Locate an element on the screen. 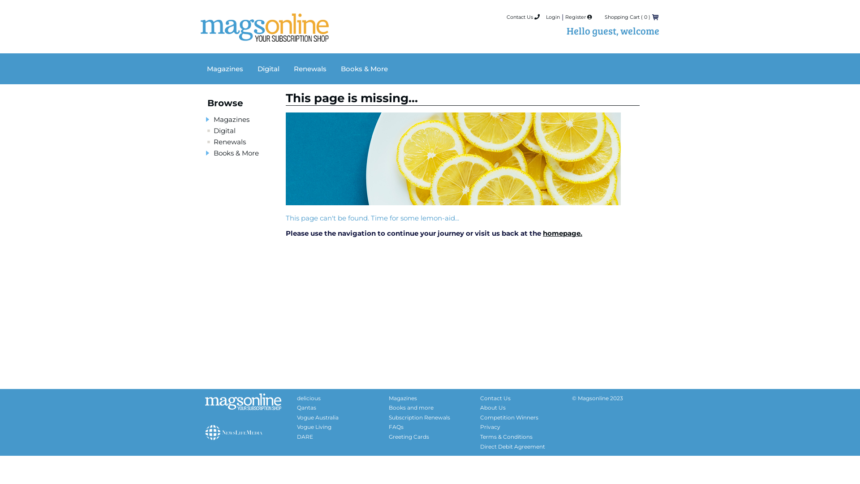 The height and width of the screenshot is (484, 860). 'delicious' is located at coordinates (309, 398).